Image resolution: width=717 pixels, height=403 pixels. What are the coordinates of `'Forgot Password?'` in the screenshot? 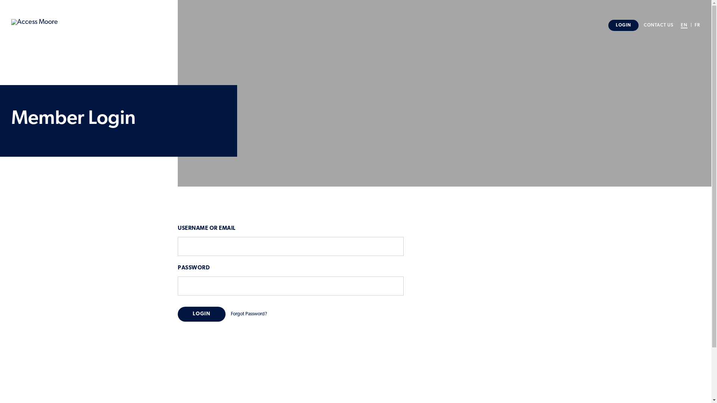 It's located at (249, 314).